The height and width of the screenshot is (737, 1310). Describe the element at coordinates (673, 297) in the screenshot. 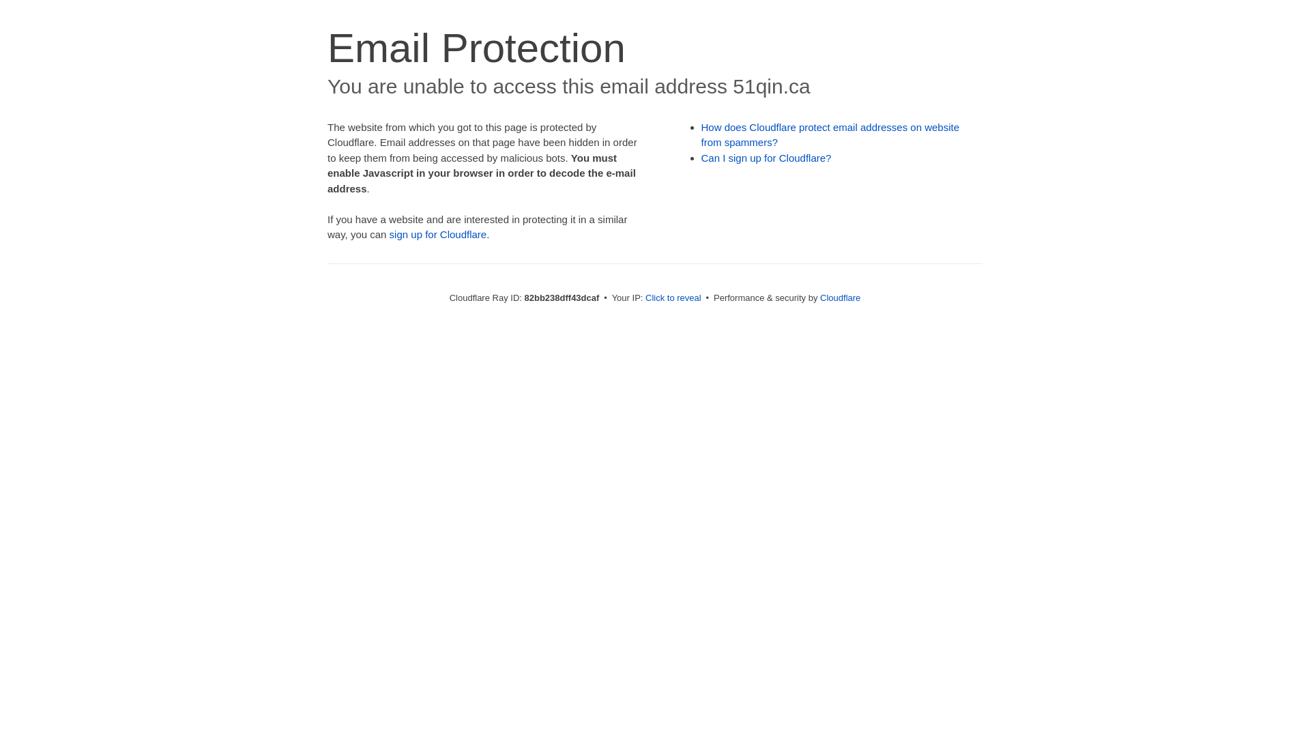

I see `'Click to reveal'` at that location.